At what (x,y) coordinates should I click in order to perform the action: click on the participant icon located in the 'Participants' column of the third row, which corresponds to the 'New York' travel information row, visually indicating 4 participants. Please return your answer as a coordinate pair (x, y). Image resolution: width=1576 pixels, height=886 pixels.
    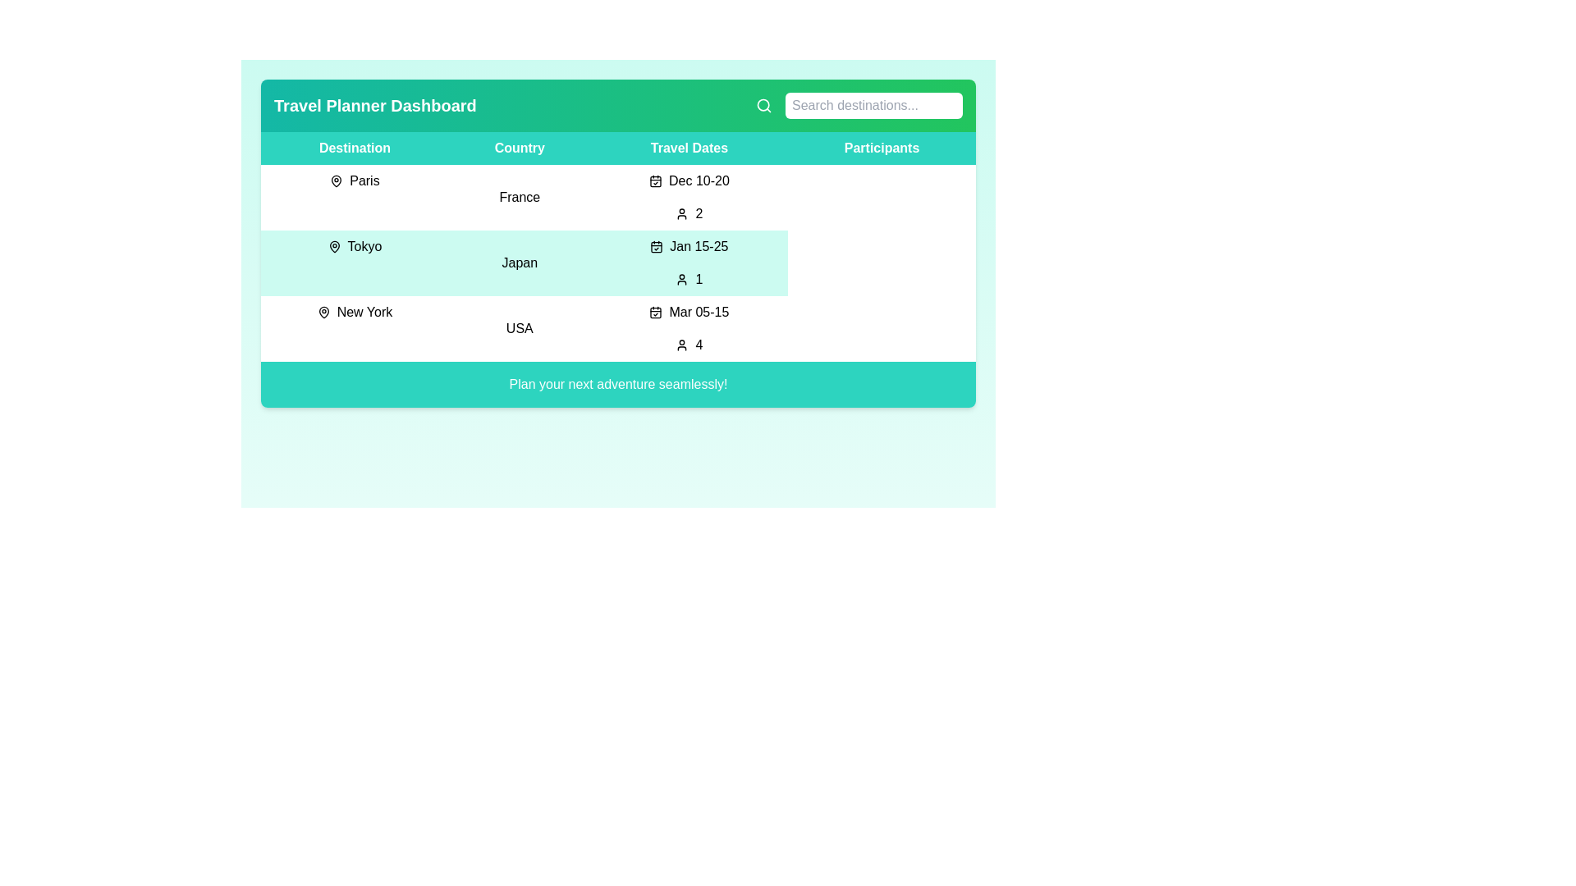
    Looking at the image, I should click on (682, 344).